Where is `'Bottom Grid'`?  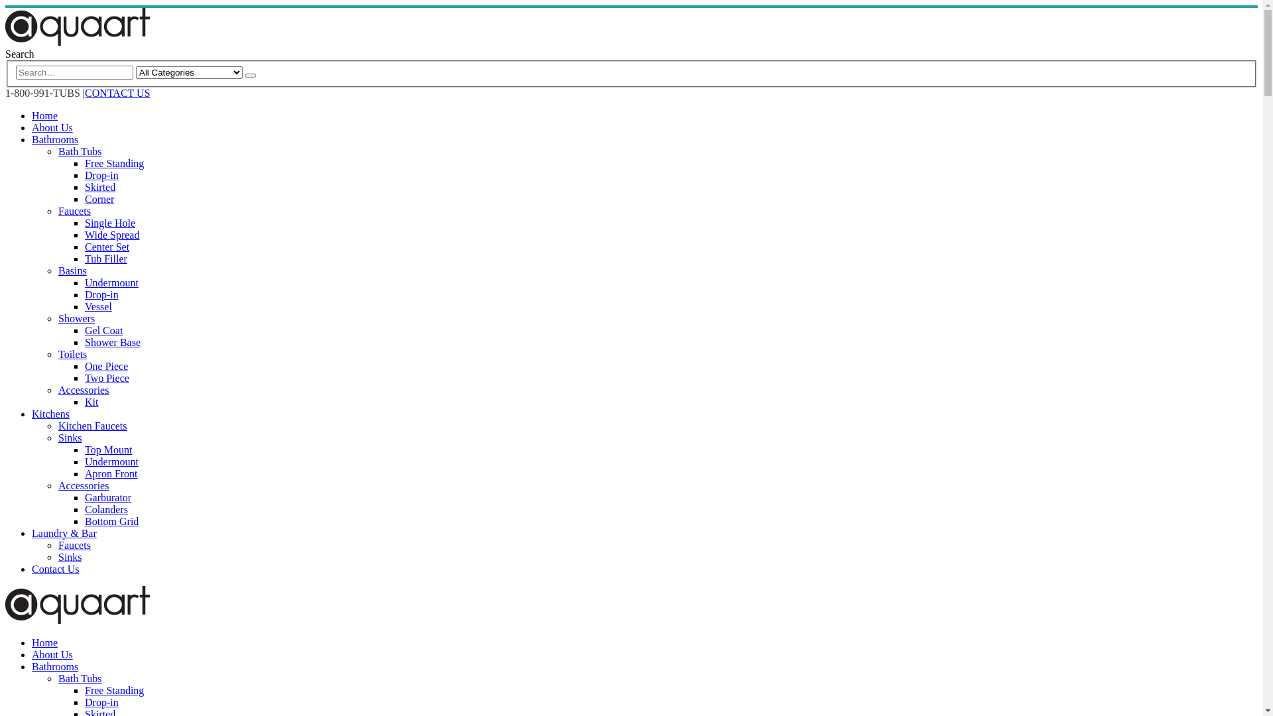 'Bottom Grid' is located at coordinates (84, 520).